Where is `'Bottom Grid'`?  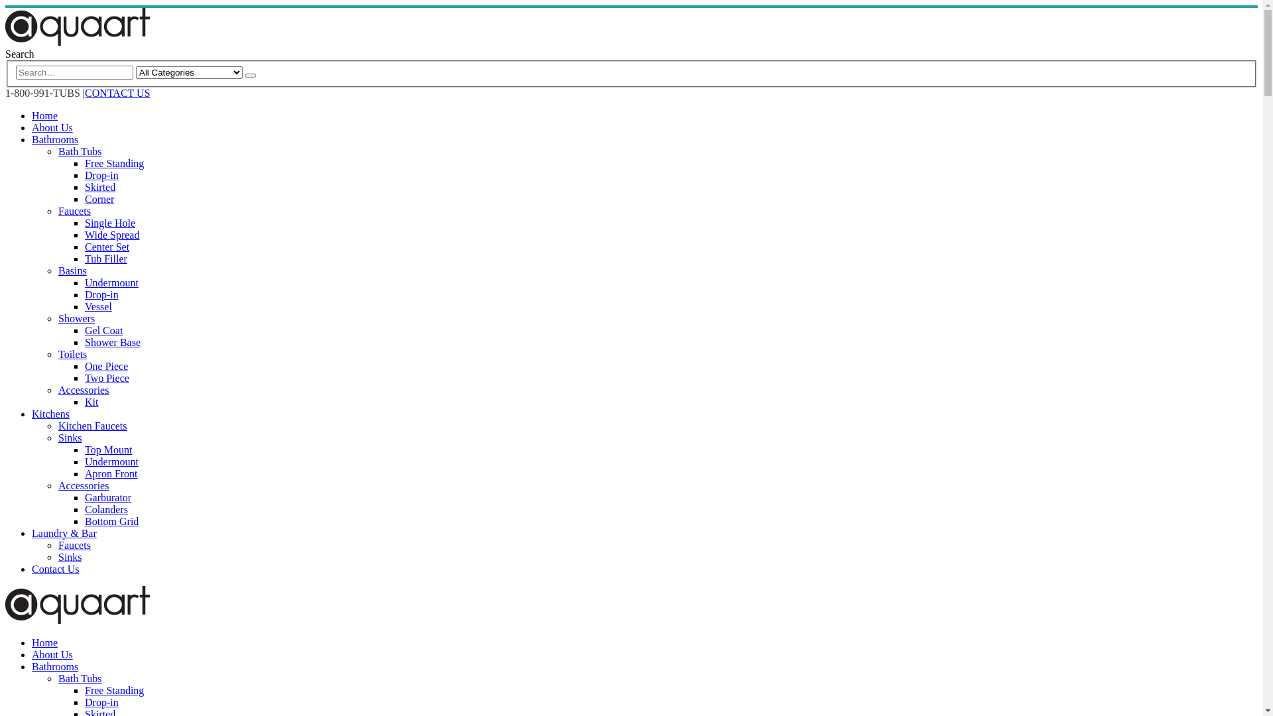 'Bottom Grid' is located at coordinates (84, 520).